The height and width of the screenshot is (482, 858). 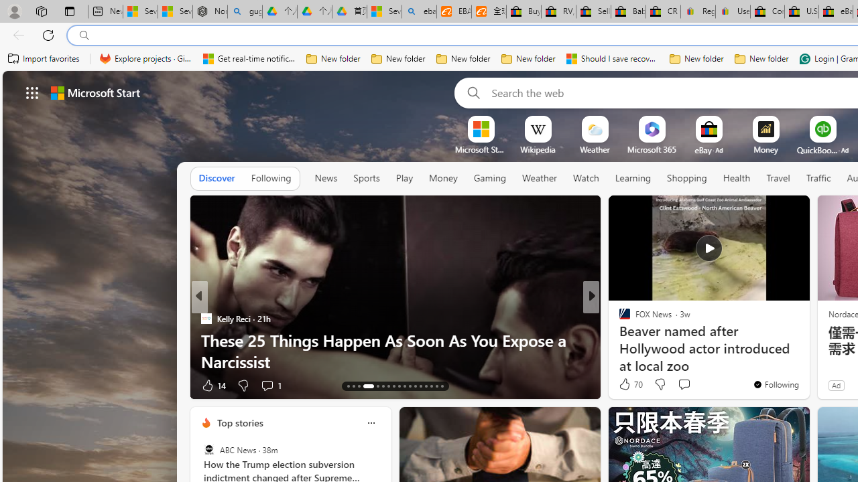 What do you see at coordinates (625, 385) in the screenshot?
I see `'29 Like'` at bounding box center [625, 385].